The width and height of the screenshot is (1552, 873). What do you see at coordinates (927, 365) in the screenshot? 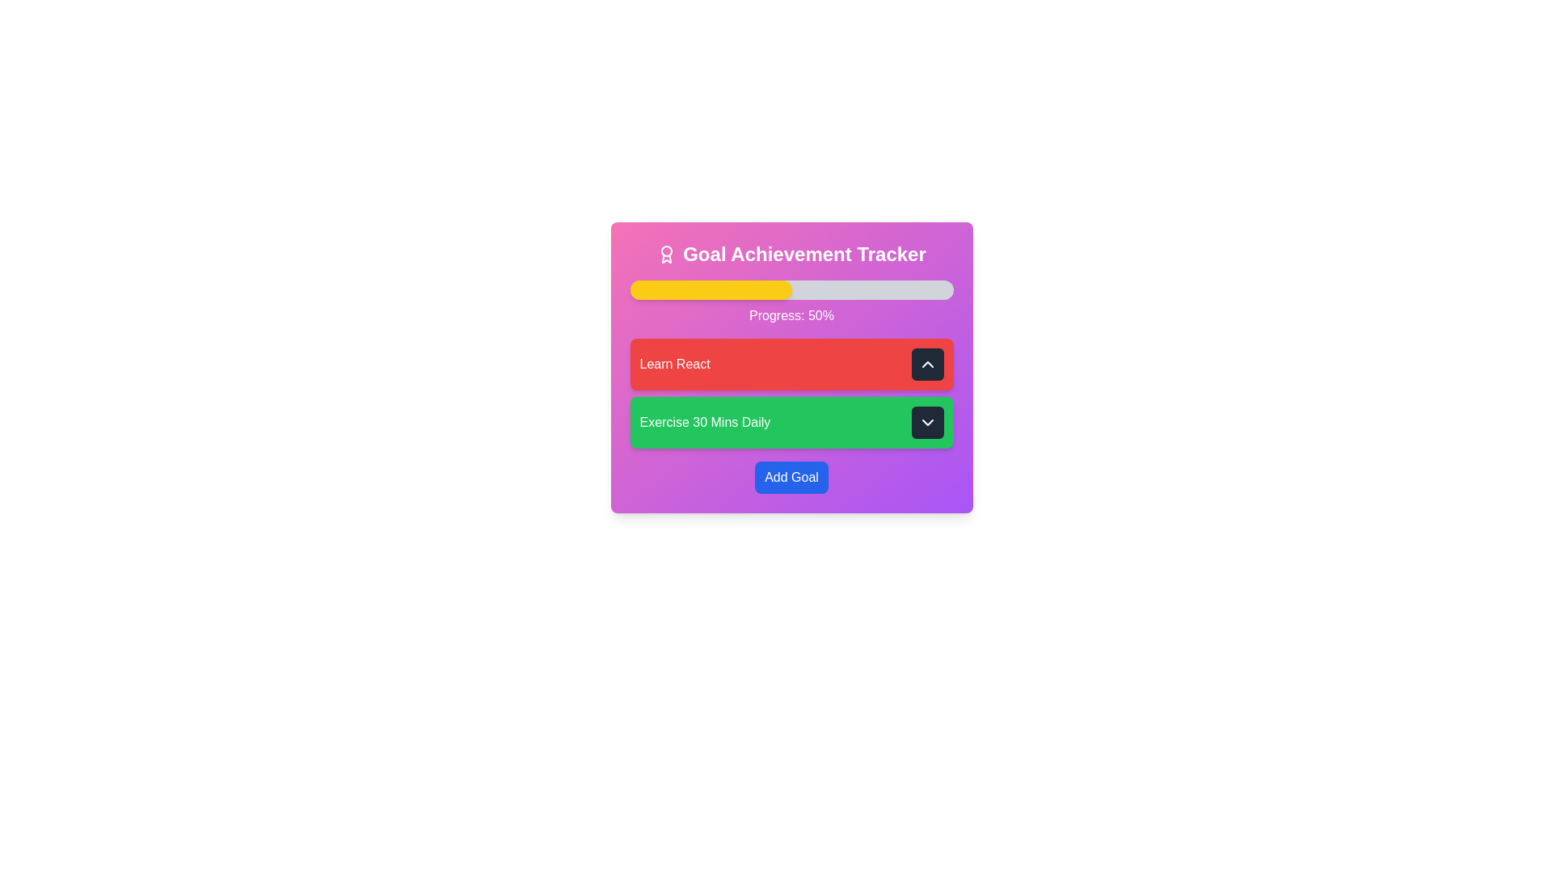
I see `the upward-pointing chevron icon located within the rounded rectangular button on the red 'Learn React' card` at bounding box center [927, 365].